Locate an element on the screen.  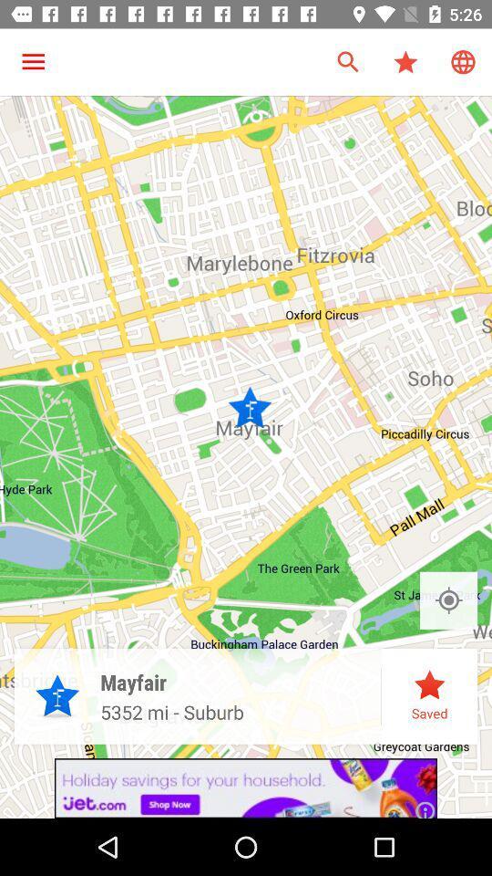
this button shows you your current location is located at coordinates (447, 600).